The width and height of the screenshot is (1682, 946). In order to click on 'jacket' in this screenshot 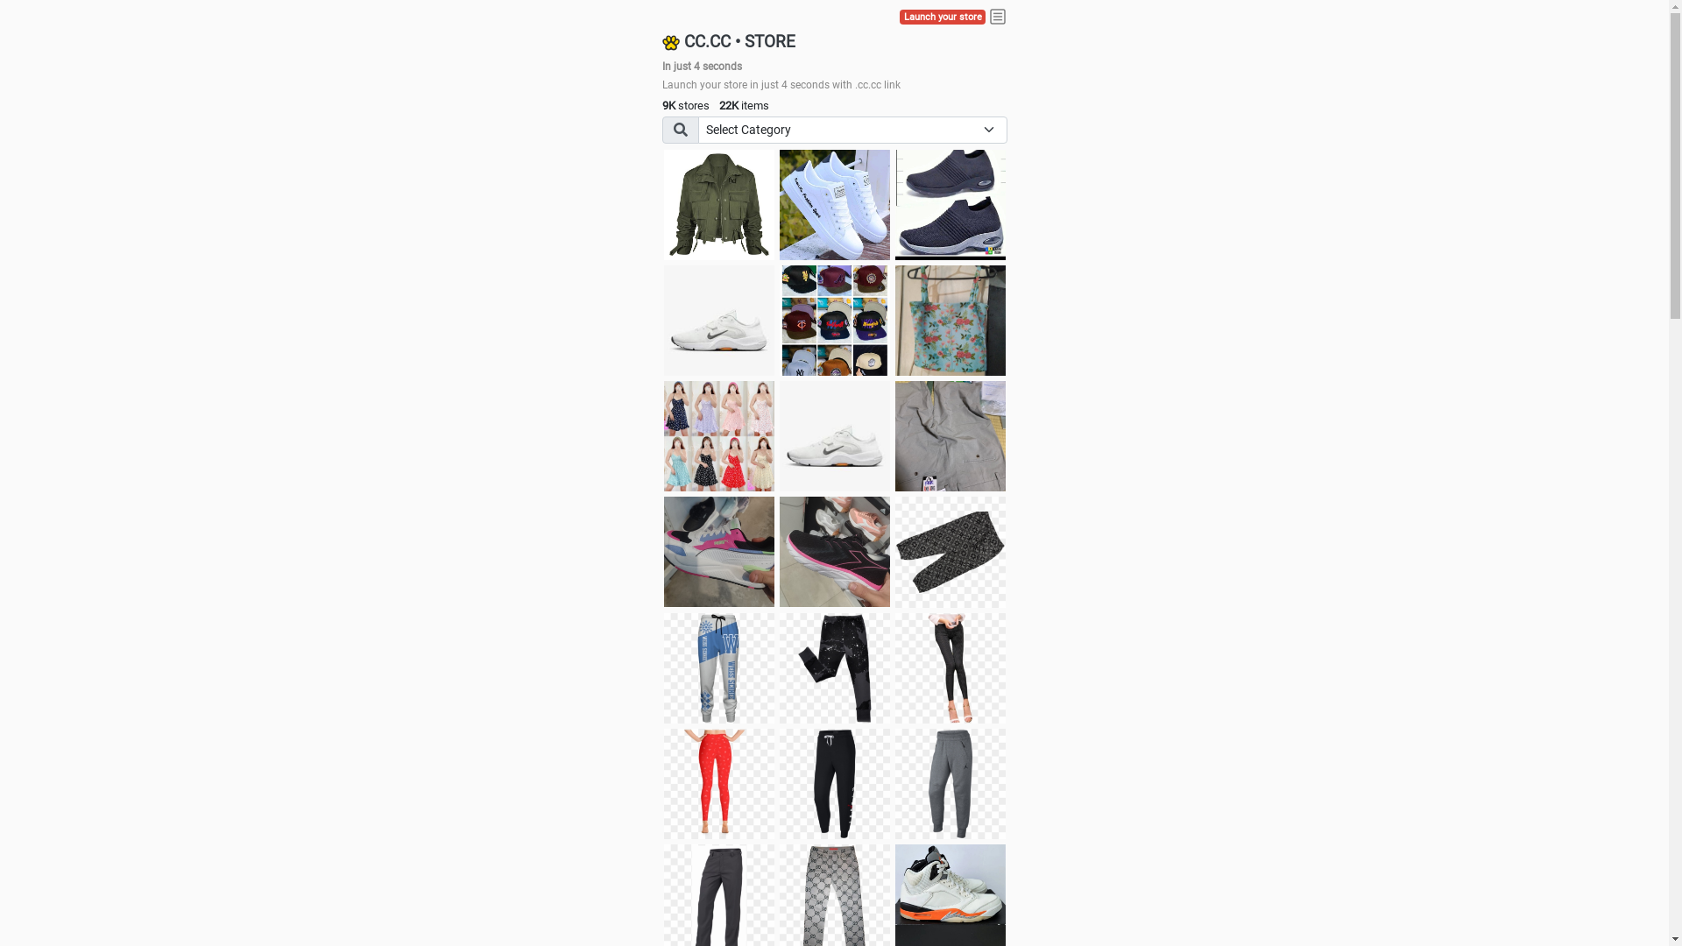, I will do `click(663, 204)`.